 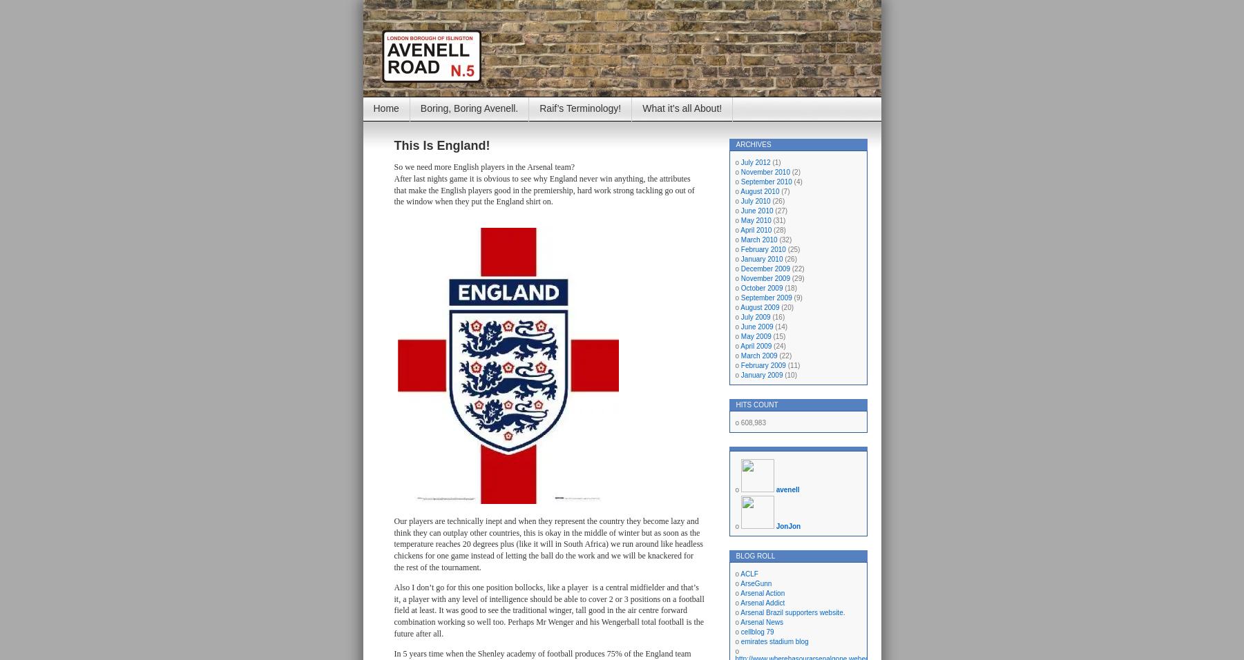 I want to click on '(14)', so click(x=780, y=327).